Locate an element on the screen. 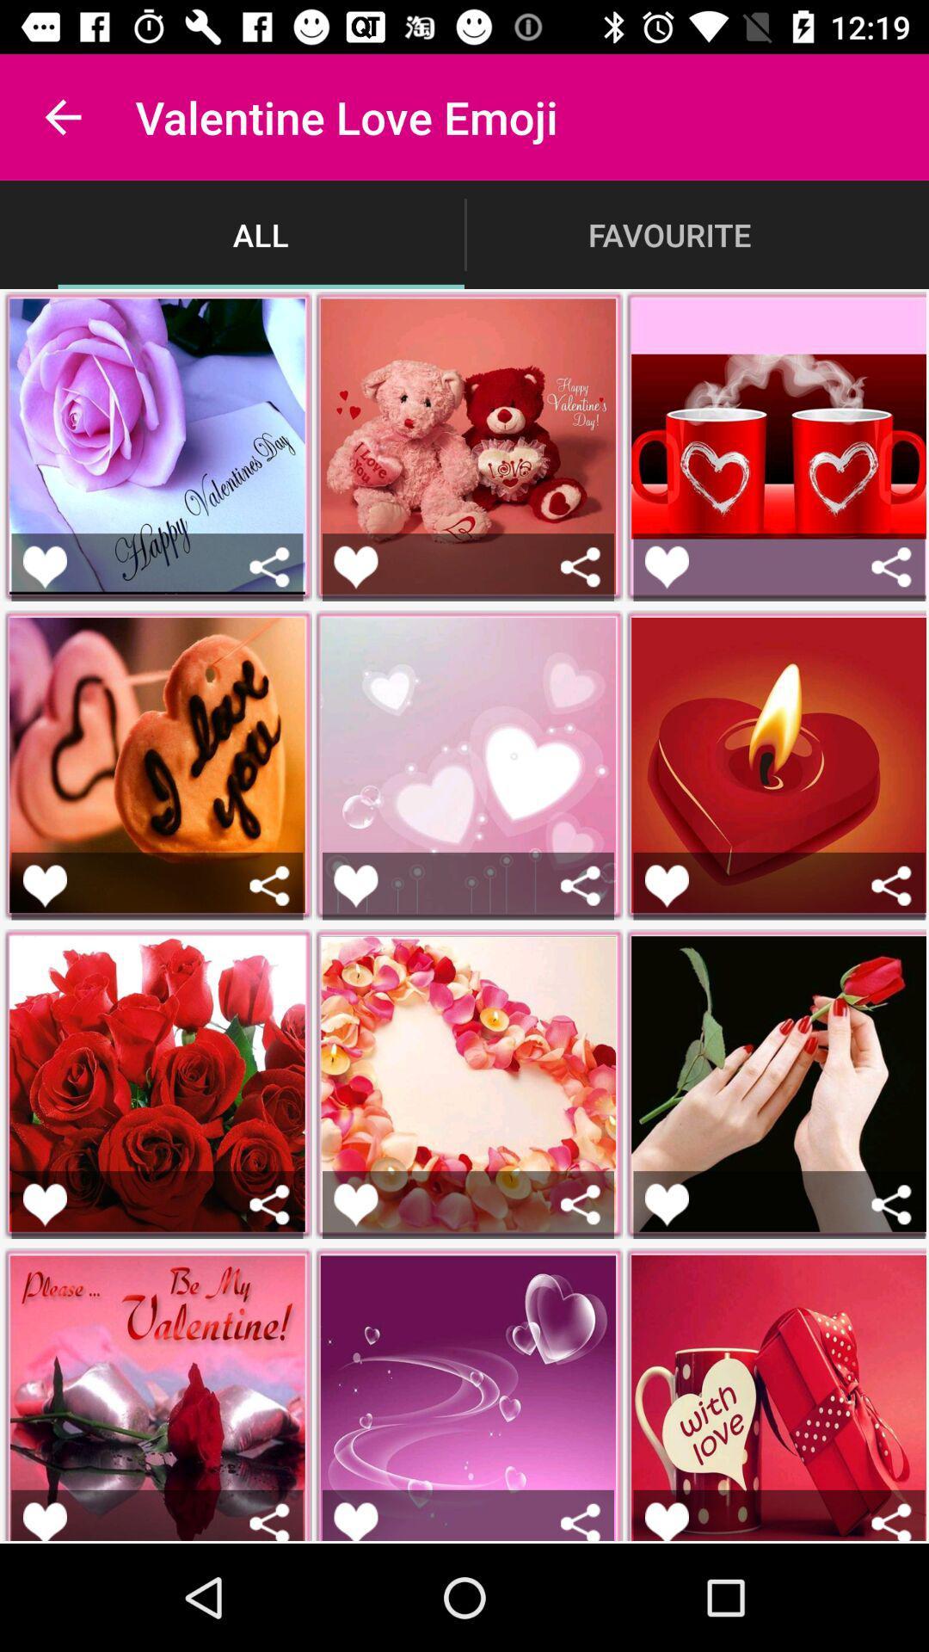 The image size is (929, 1652). it as favourite is located at coordinates (354, 1521).